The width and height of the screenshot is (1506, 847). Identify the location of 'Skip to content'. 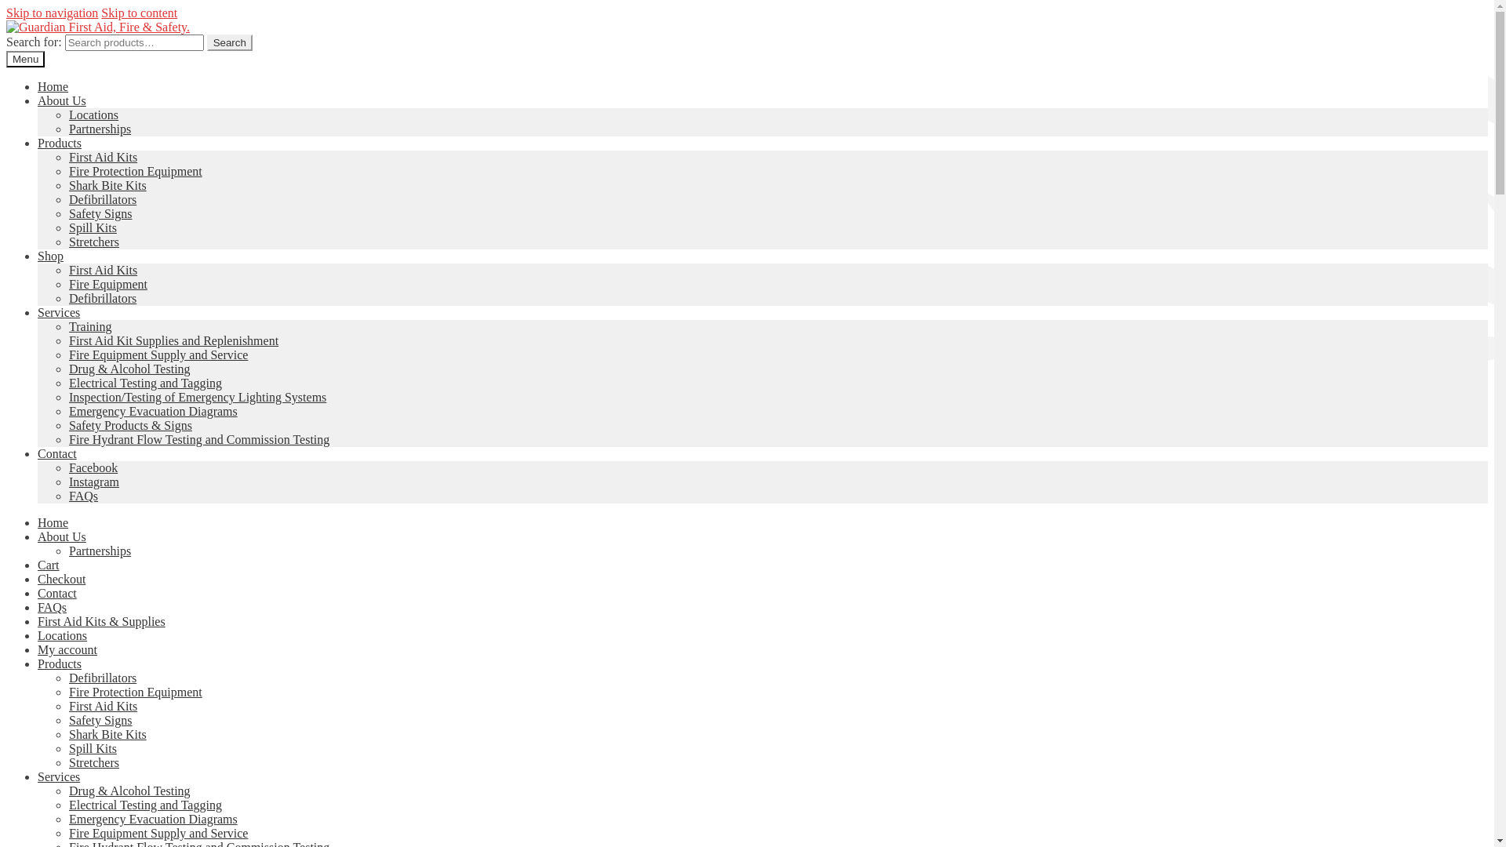
(139, 13).